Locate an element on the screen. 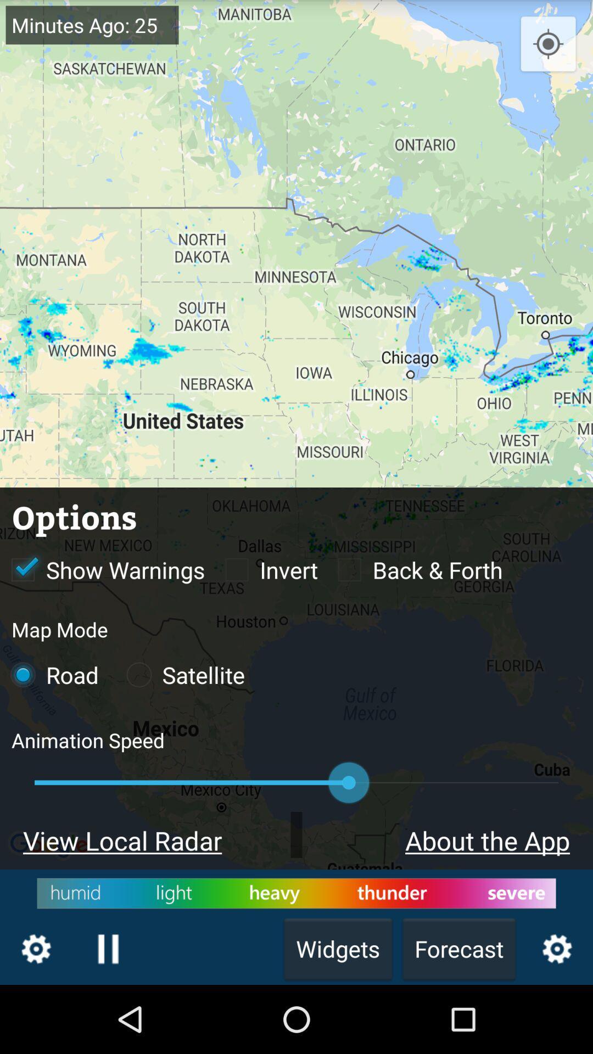 The height and width of the screenshot is (1054, 593). invert is located at coordinates (265, 569).